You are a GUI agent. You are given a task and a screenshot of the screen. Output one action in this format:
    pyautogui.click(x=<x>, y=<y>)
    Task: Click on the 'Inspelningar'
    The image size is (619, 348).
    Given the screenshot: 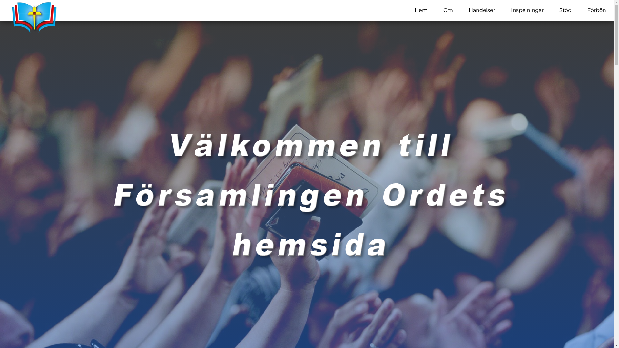 What is the action you would take?
    pyautogui.click(x=527, y=10)
    